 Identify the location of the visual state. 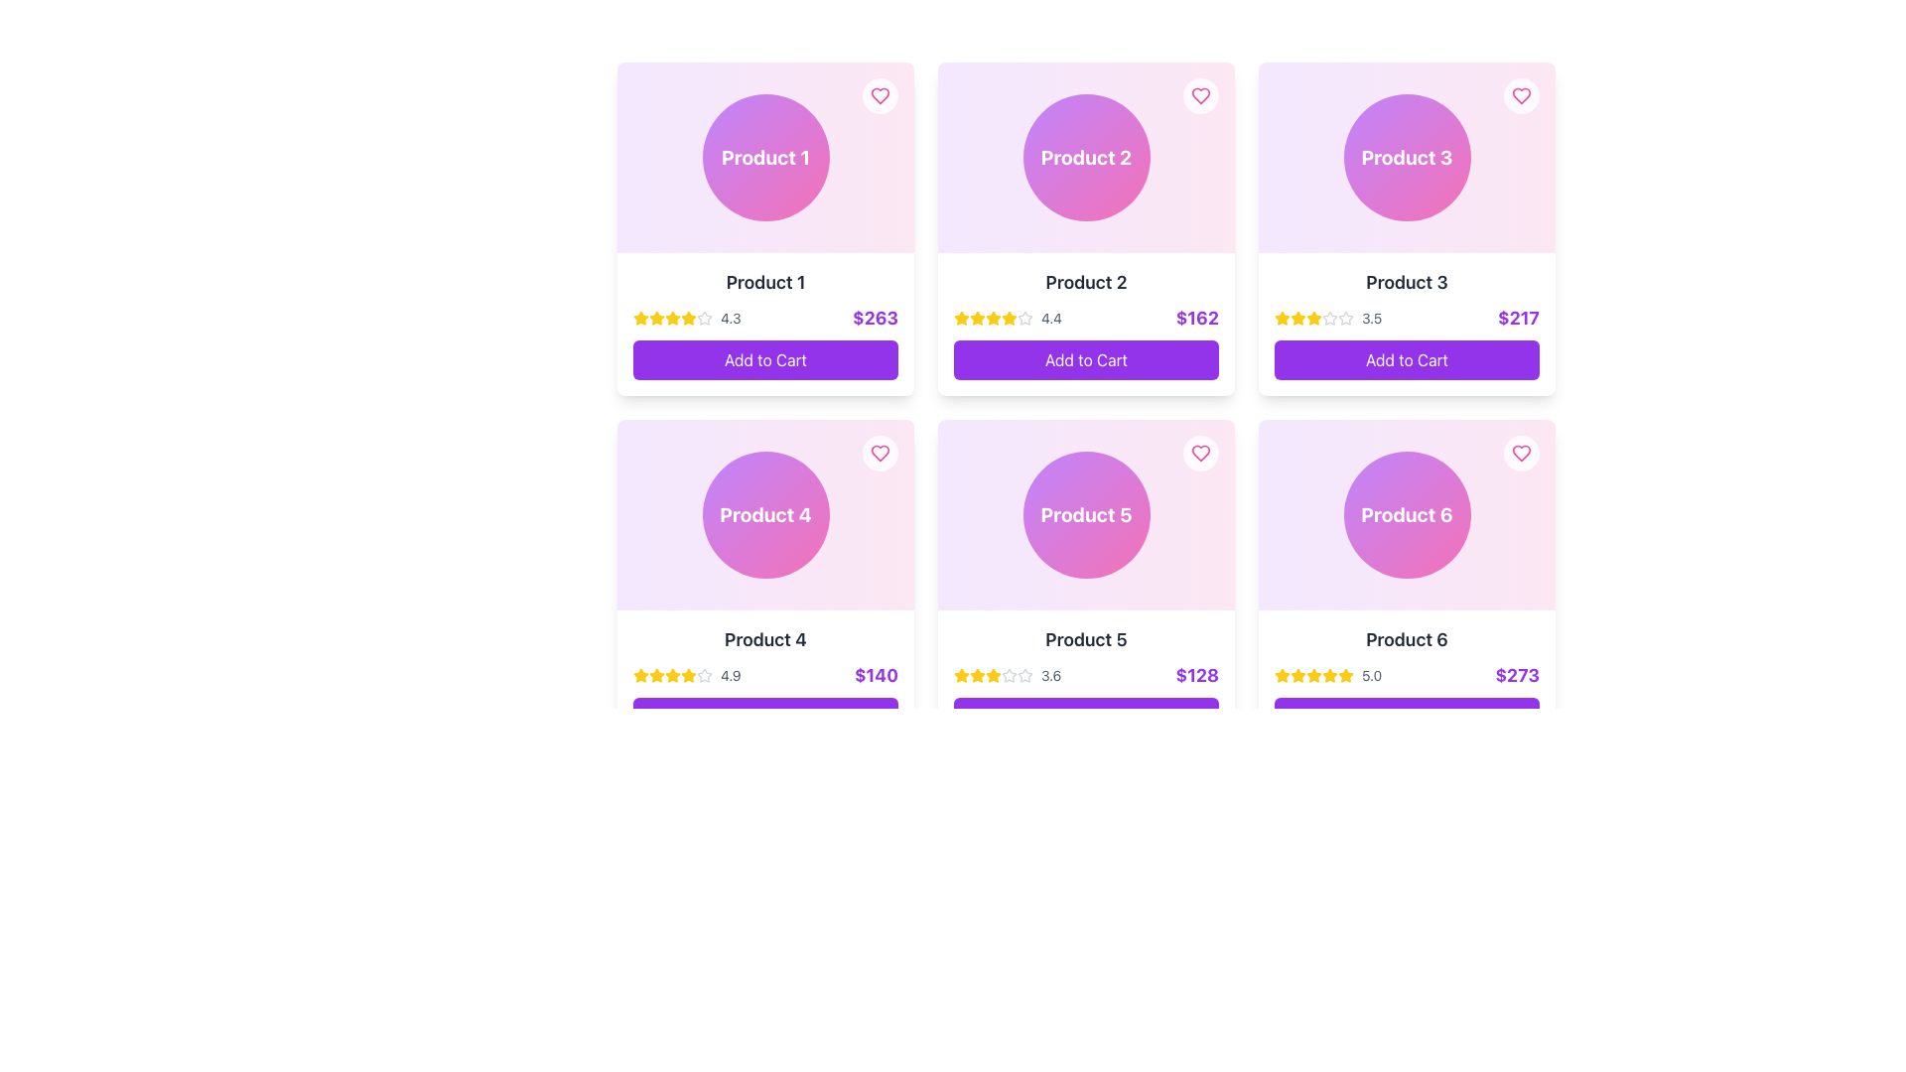
(1314, 317).